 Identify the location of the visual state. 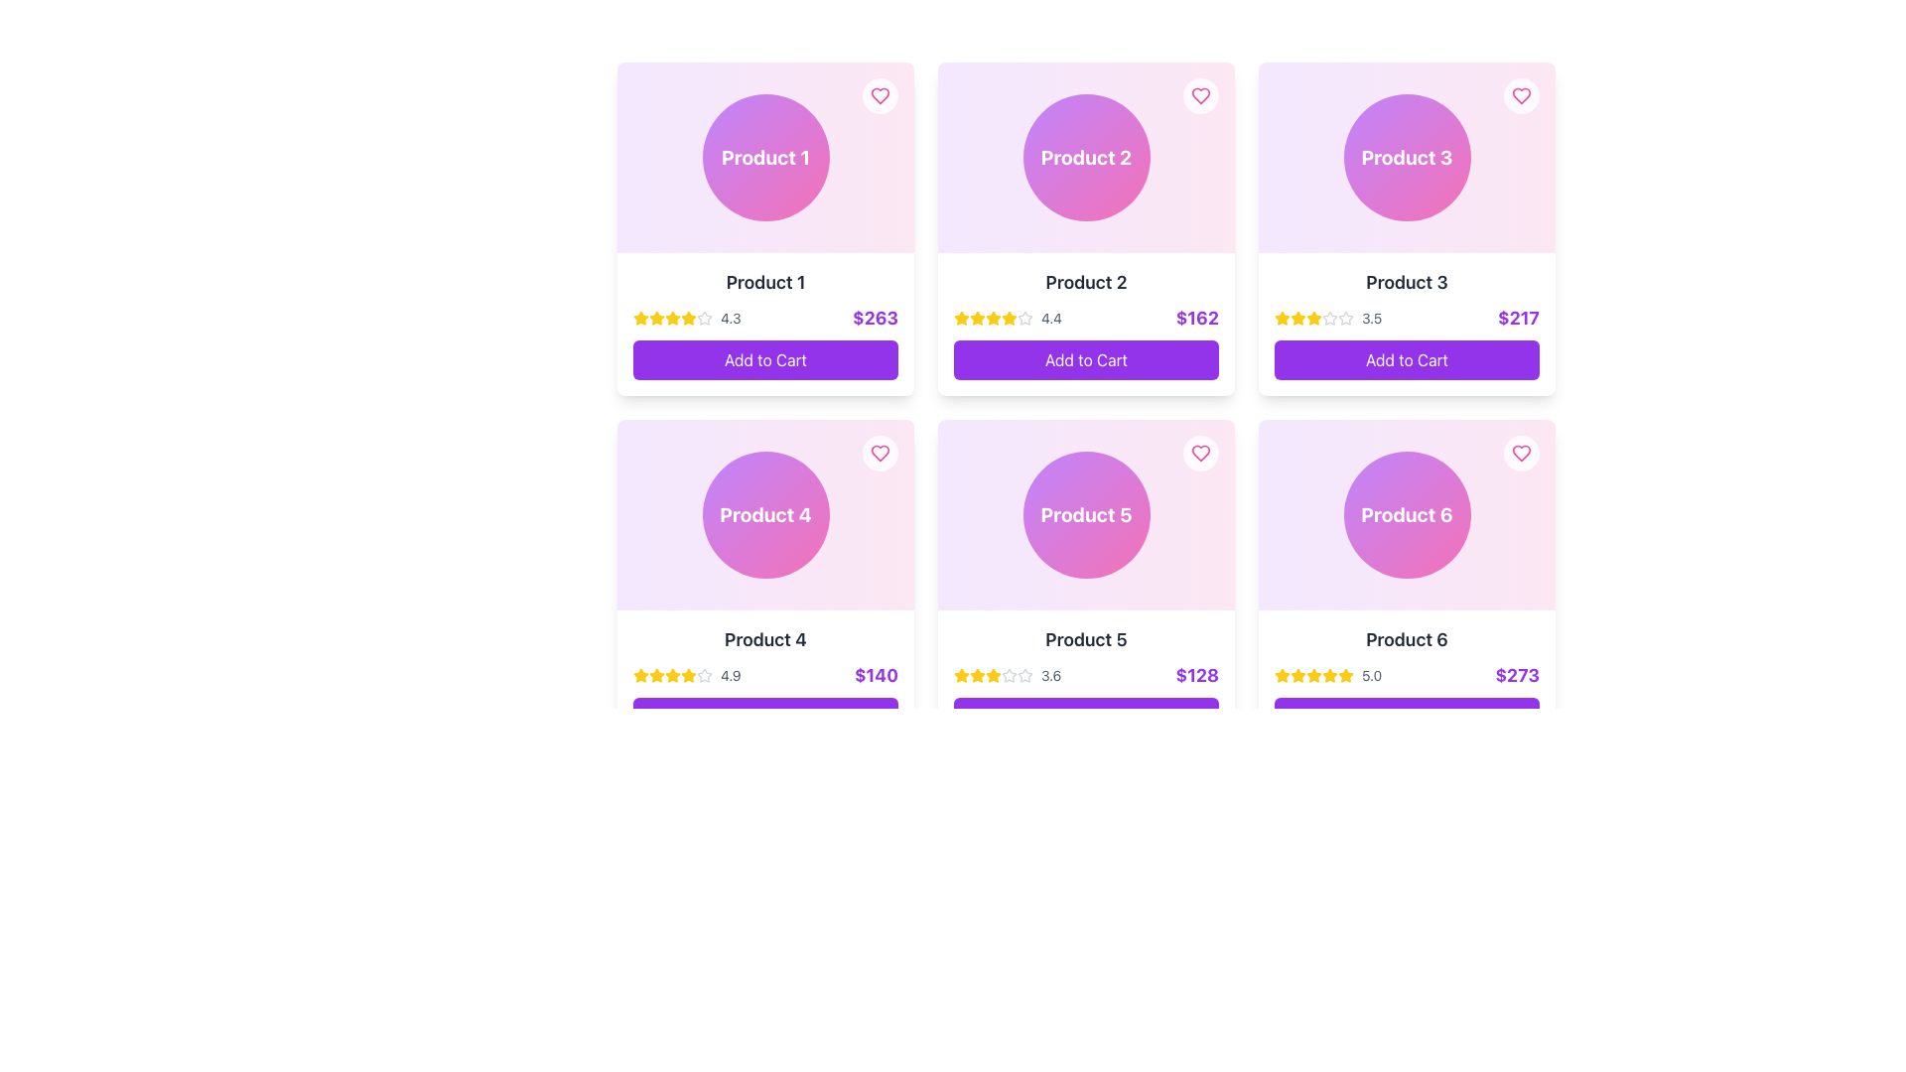
(1314, 317).